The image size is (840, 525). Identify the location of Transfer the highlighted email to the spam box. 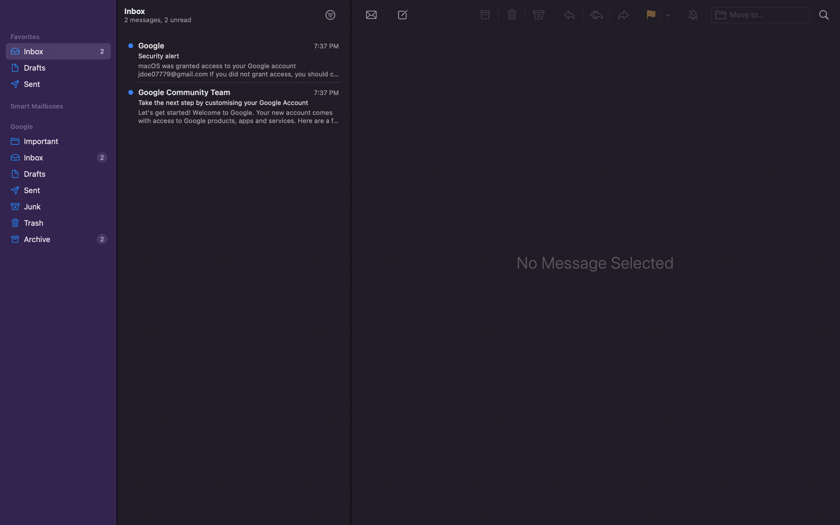
(540, 14).